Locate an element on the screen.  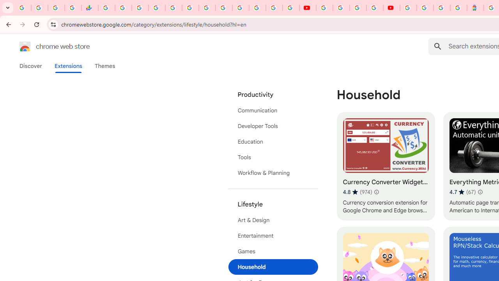
'Average rating 4.8 out of 5 stars. 974 ratings.' is located at coordinates (357, 192).